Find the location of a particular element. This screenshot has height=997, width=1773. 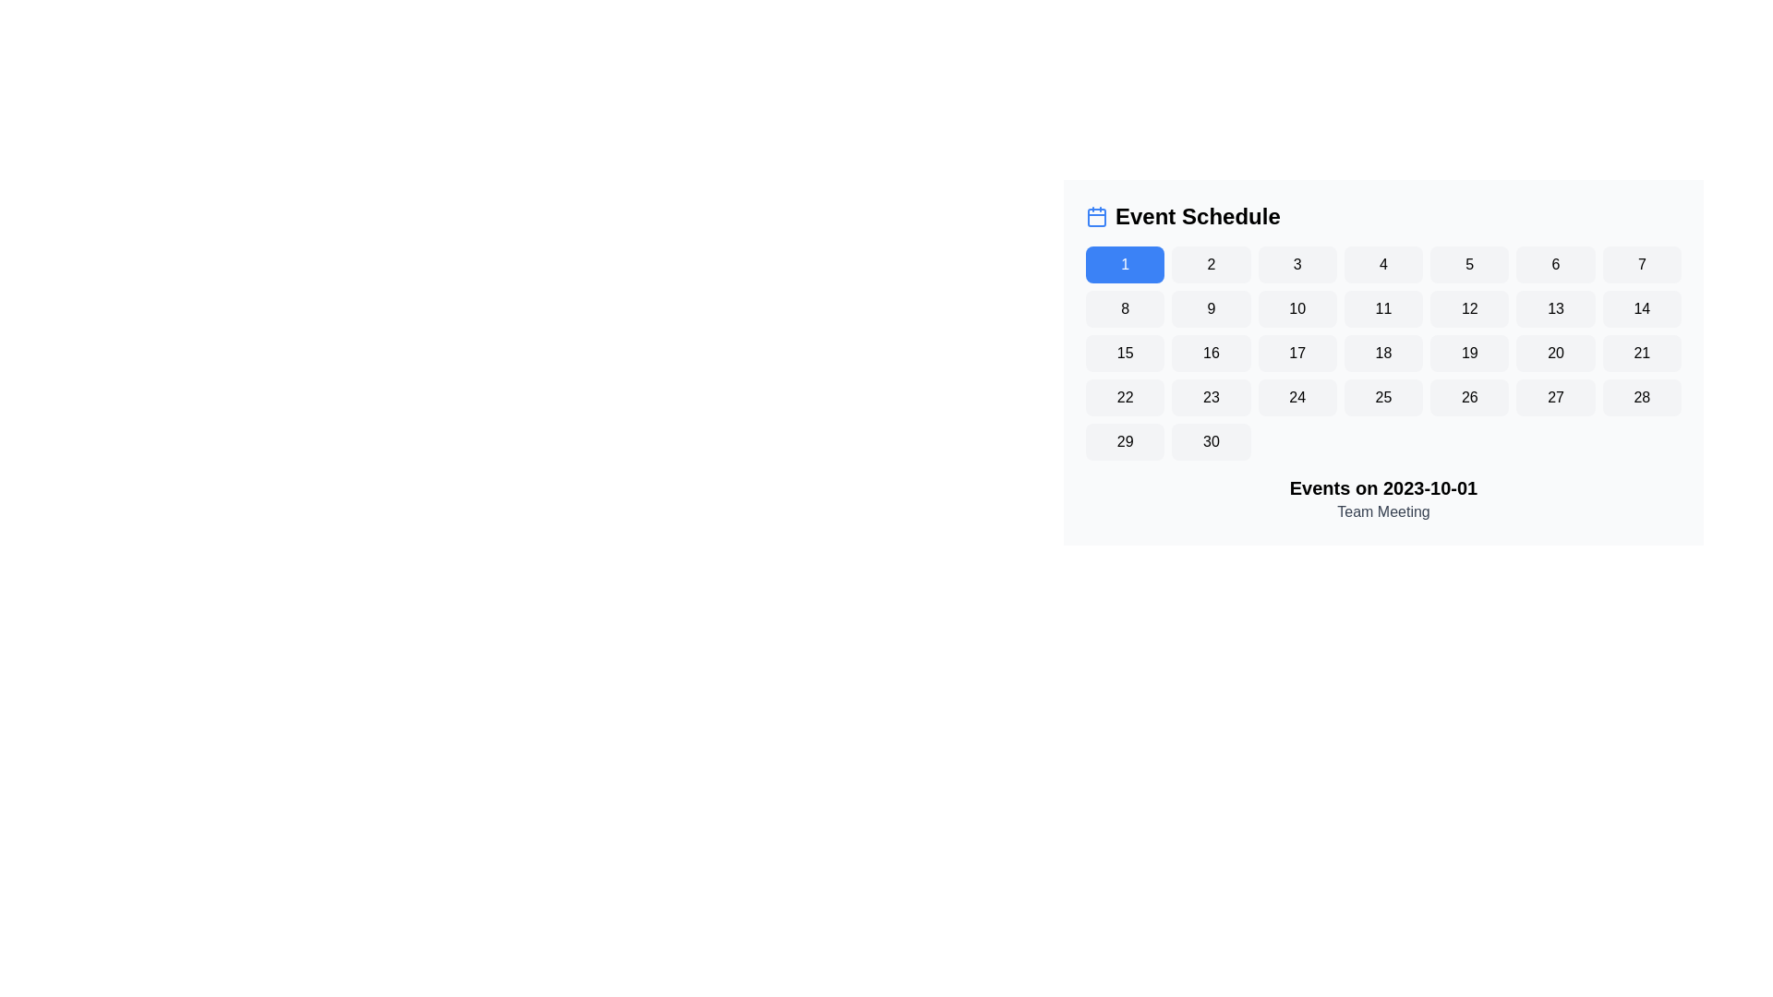

the selectable day button in the calendar interface located in the third row and fourth column is located at coordinates (1383, 353).